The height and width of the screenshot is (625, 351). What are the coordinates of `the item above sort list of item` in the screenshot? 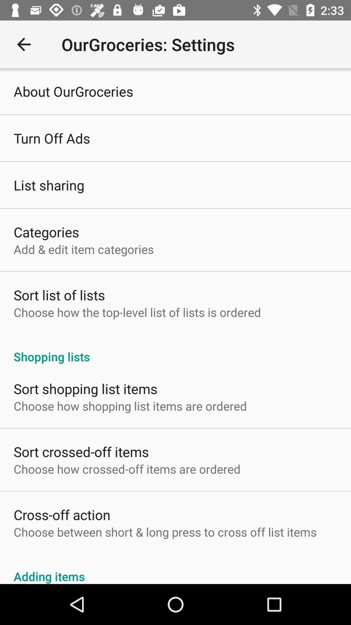 It's located at (83, 249).